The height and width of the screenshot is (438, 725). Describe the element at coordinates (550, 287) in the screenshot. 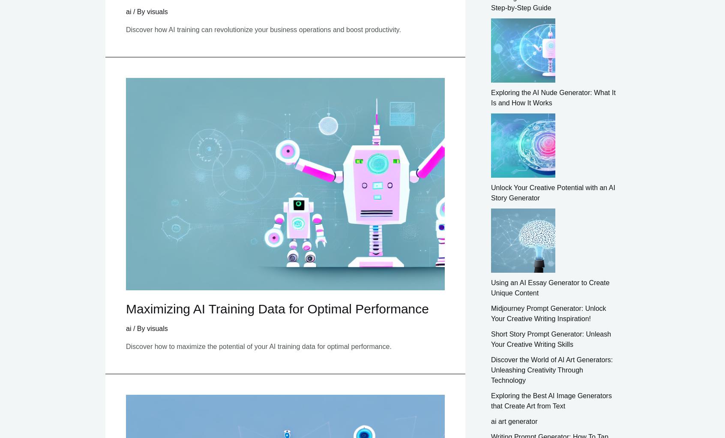

I see `'Using an AI Essay Generator to Create Unique Content'` at that location.